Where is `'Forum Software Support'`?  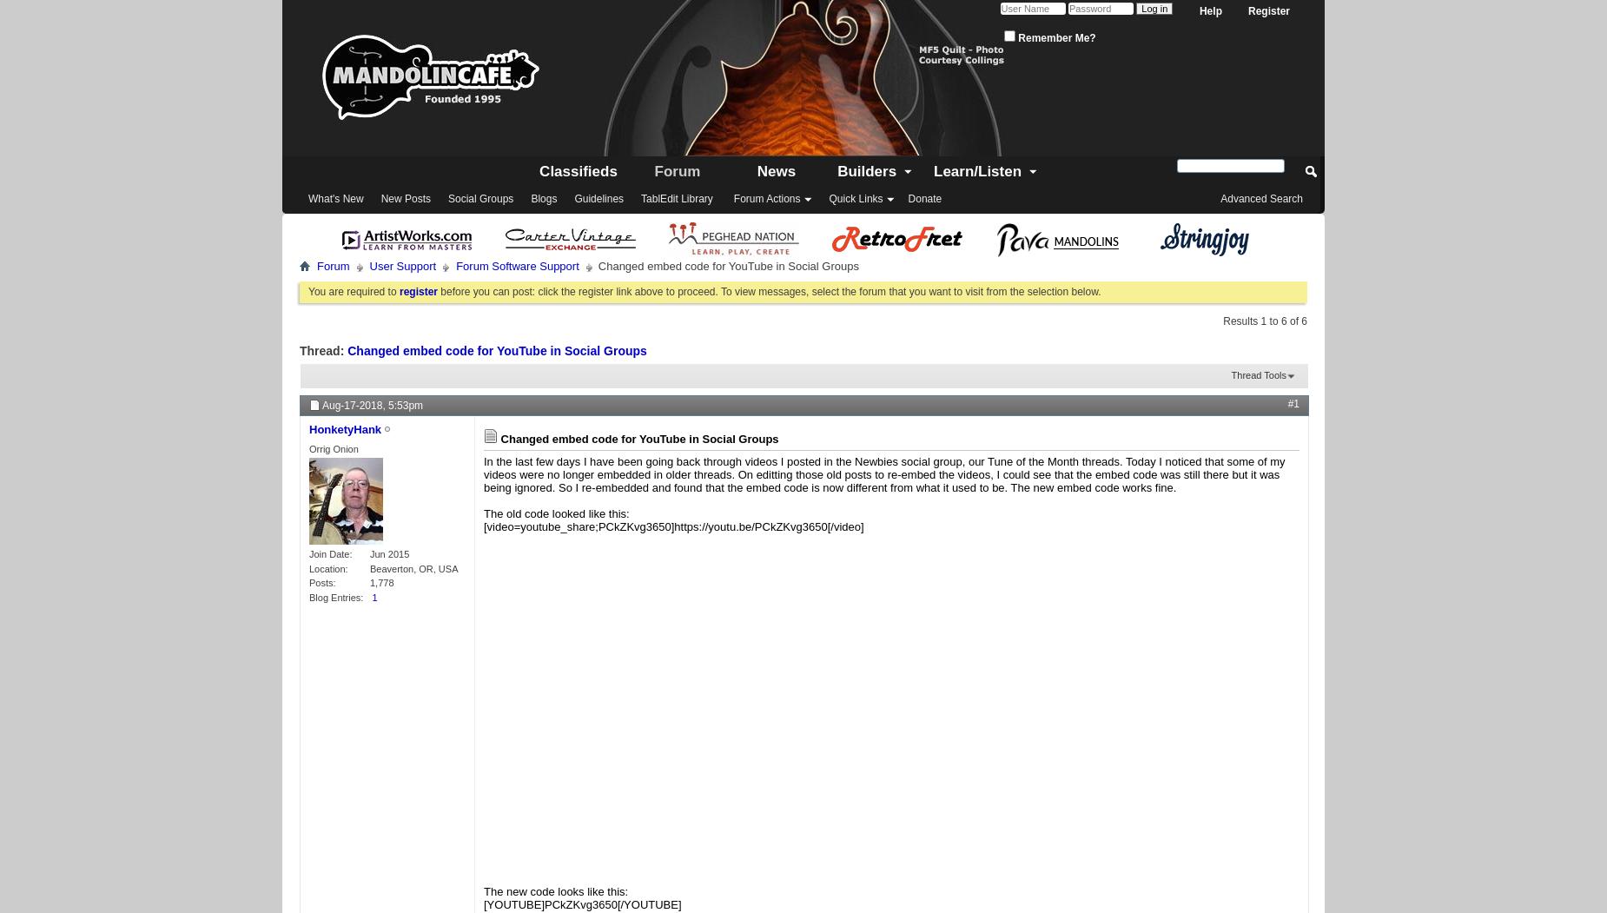 'Forum Software Support' is located at coordinates (517, 265).